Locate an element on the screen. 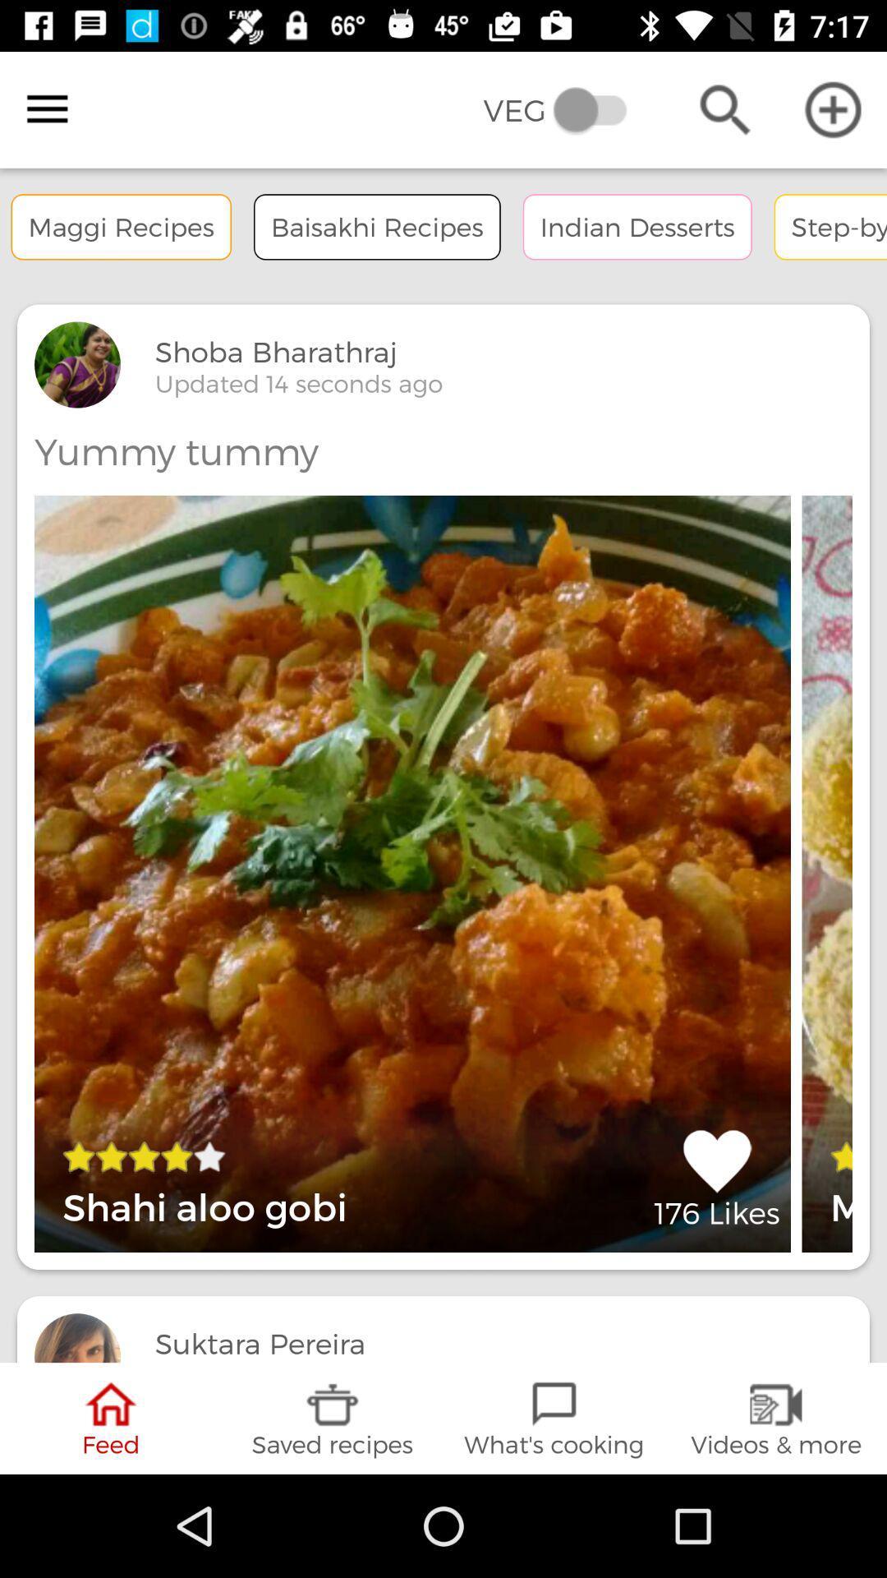 The height and width of the screenshot is (1578, 887). icon next to the saved recipes icon is located at coordinates (554, 1418).